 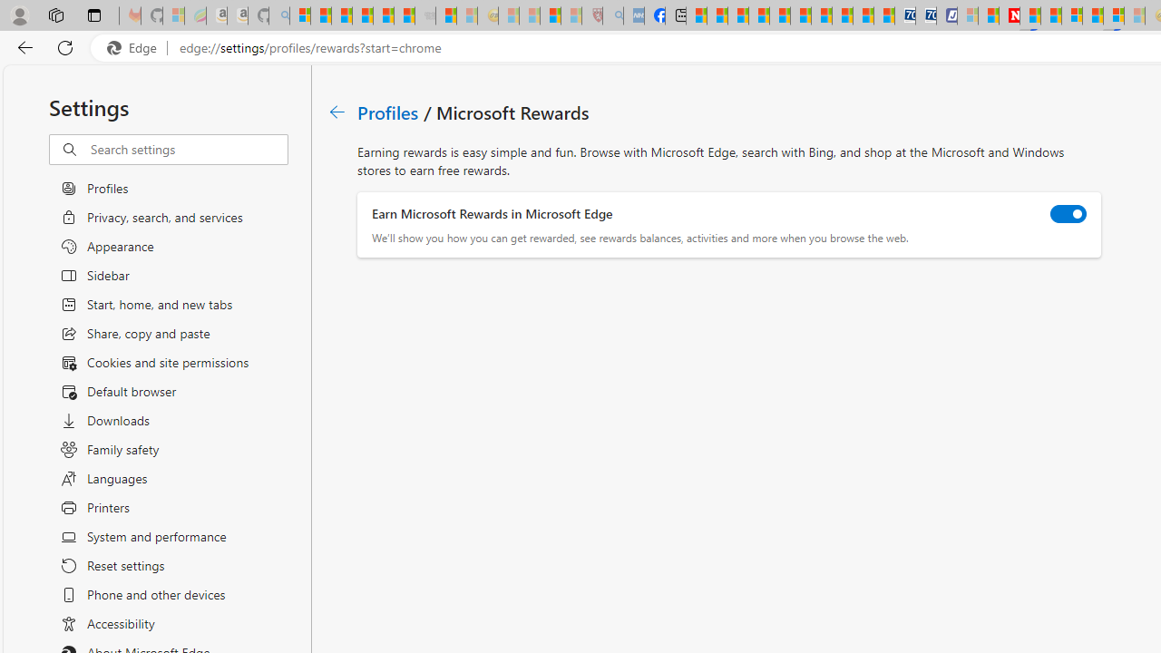 What do you see at coordinates (508, 15) in the screenshot?
I see `'Recipes - MSN - Sleeping'` at bounding box center [508, 15].